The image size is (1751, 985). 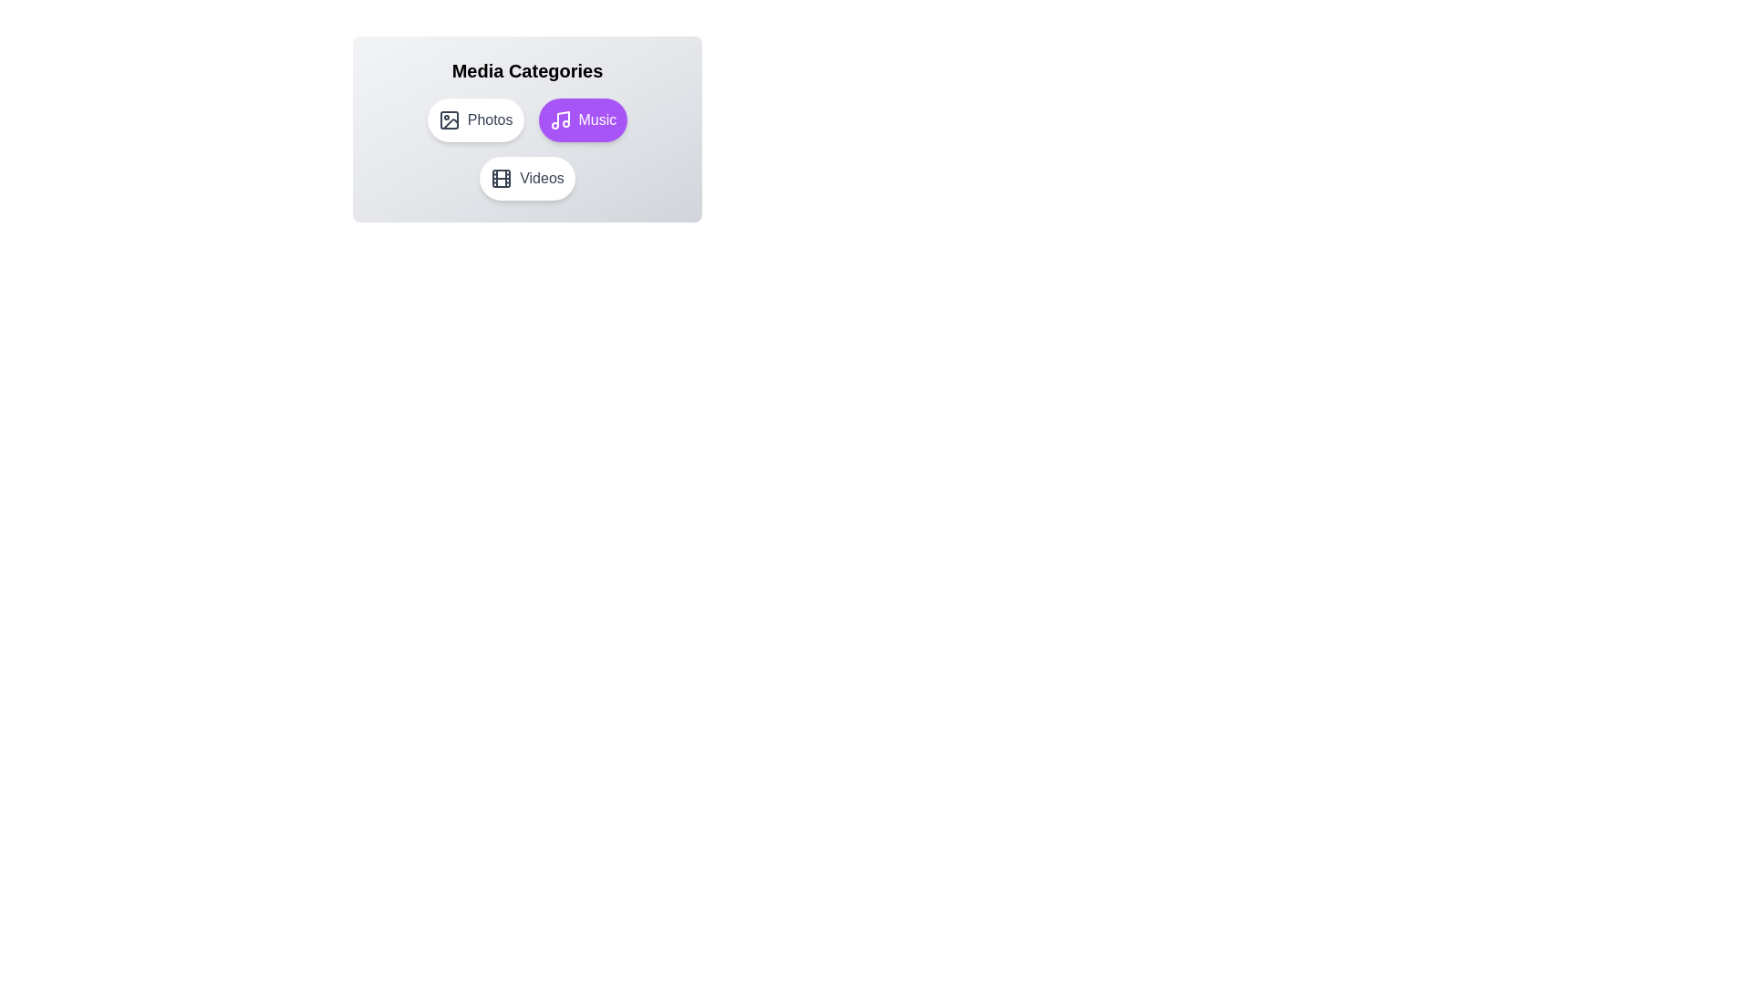 I want to click on the category button labeled Photos, so click(x=475, y=119).